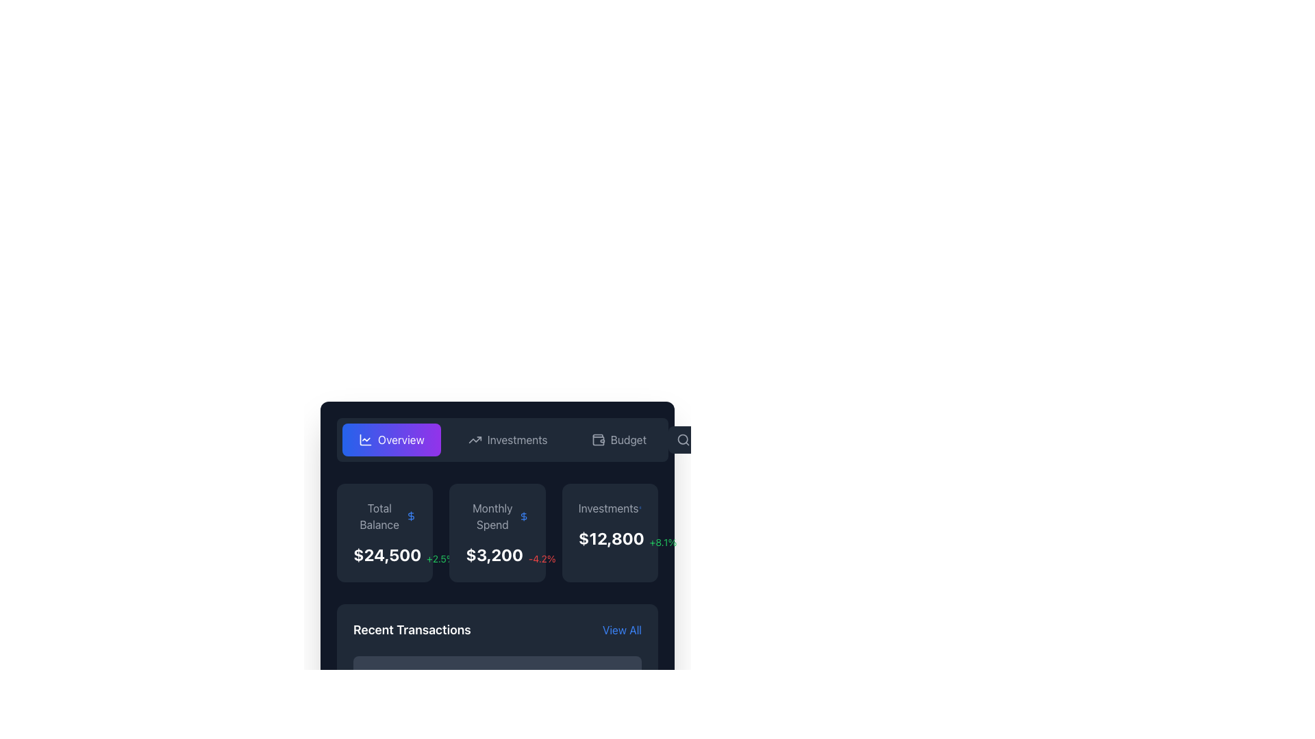  Describe the element at coordinates (410, 517) in the screenshot. I see `the financial icon representing 'Total Balance' located in the top-middle portion of the dashboard to provide a visual cue for monetary data` at that location.